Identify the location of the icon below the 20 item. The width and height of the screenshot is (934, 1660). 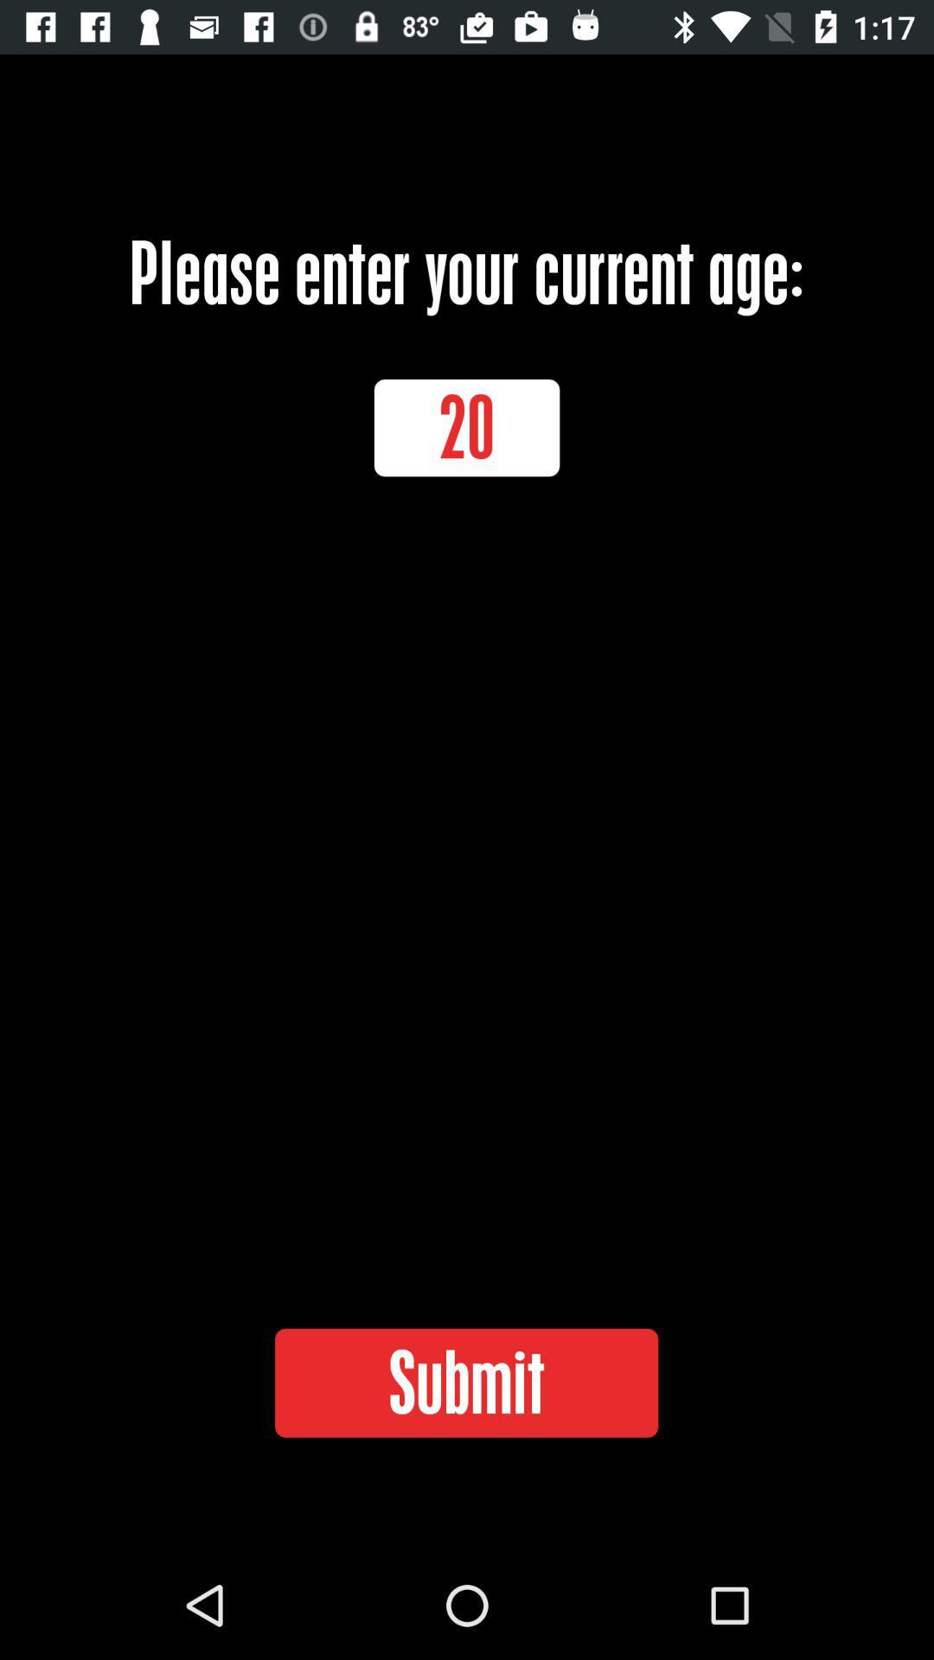
(465, 1382).